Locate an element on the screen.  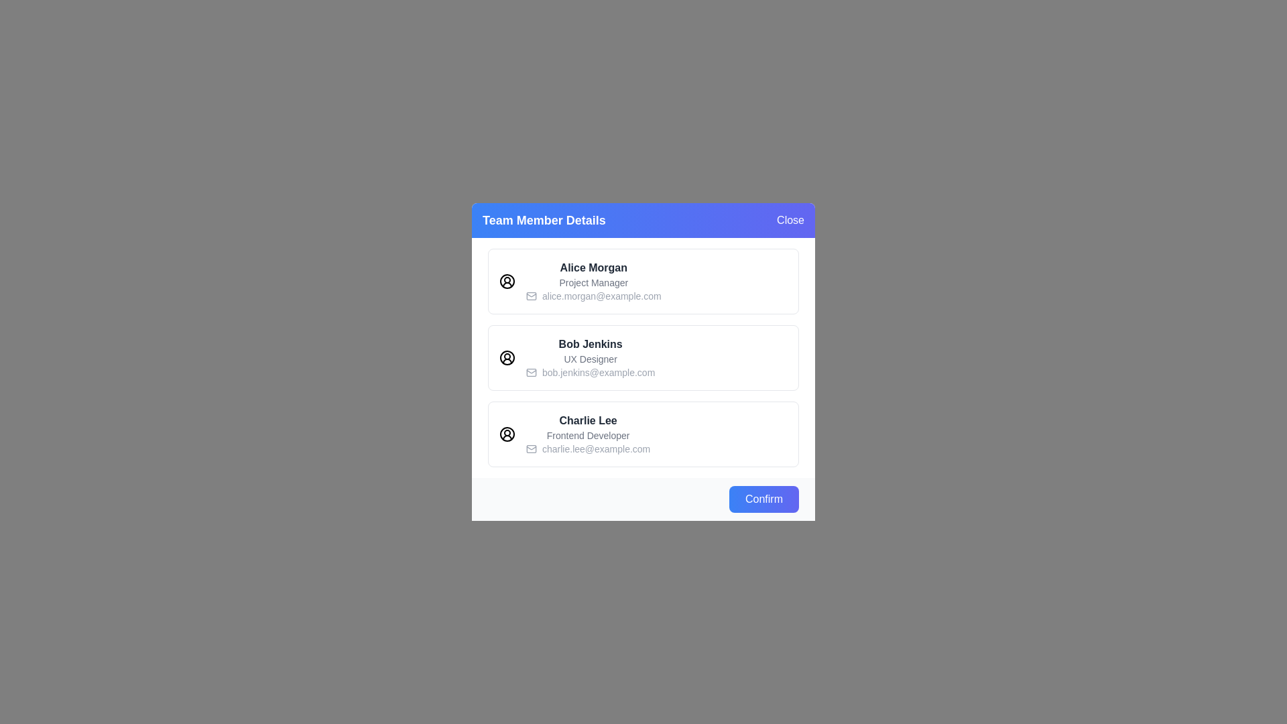
the mail icon located within the 'Charlie Lee' information block is located at coordinates (530, 449).